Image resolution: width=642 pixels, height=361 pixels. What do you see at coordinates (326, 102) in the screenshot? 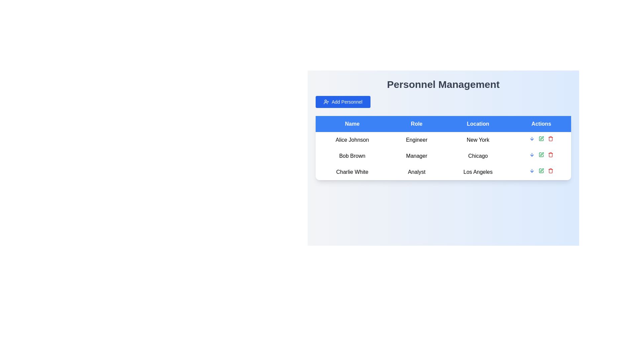
I see `the user icon with a plus symbol inside the 'Add Personnel' button located at the top left of the interface` at bounding box center [326, 102].